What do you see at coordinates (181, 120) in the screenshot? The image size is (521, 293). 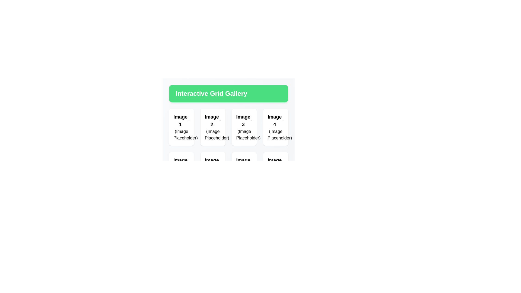 I see `text content of the label indicating the name or number of the image in the top-left card of the grid layout, which is positioned above the '(Image Placeholder)' text` at bounding box center [181, 120].